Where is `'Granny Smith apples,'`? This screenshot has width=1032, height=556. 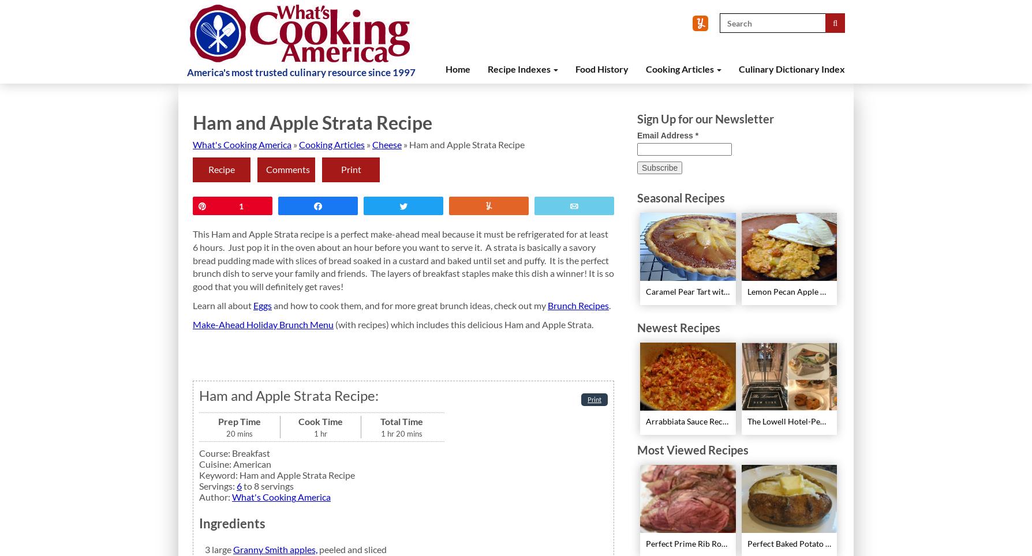 'Granny Smith apples,' is located at coordinates (275, 549).